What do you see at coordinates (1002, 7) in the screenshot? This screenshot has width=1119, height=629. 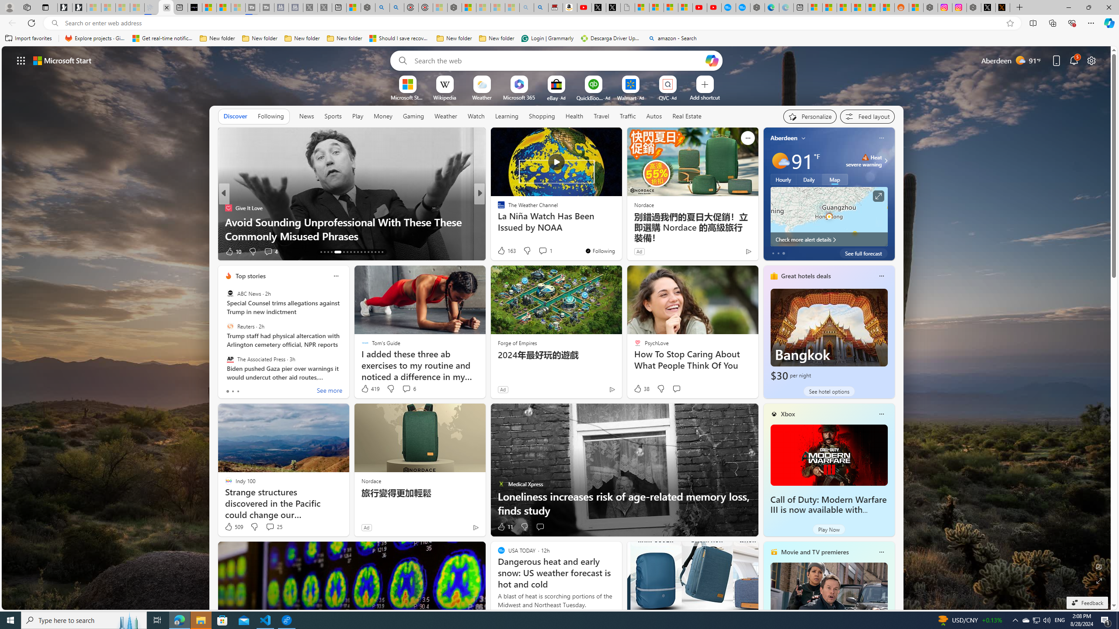 I see `'help.x.com | 524: A timeout occurred'` at bounding box center [1002, 7].